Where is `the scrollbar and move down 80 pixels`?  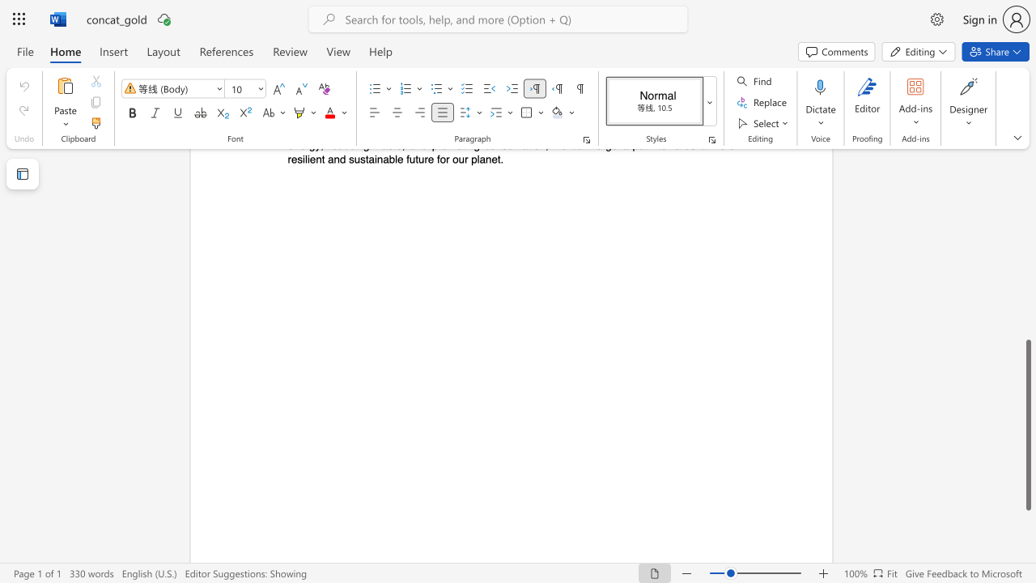
the scrollbar and move down 80 pixels is located at coordinates (1027, 424).